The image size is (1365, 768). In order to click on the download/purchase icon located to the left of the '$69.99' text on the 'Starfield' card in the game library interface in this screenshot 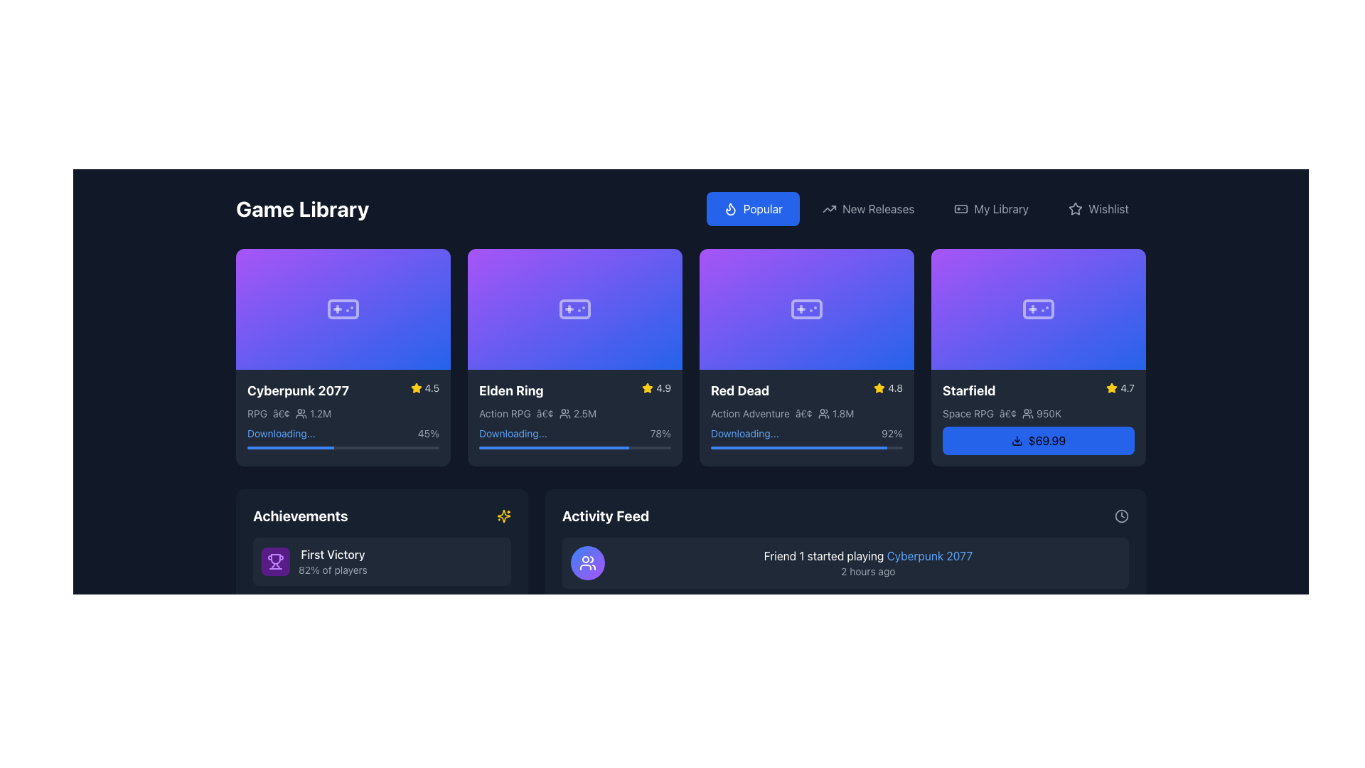, I will do `click(1016, 439)`.